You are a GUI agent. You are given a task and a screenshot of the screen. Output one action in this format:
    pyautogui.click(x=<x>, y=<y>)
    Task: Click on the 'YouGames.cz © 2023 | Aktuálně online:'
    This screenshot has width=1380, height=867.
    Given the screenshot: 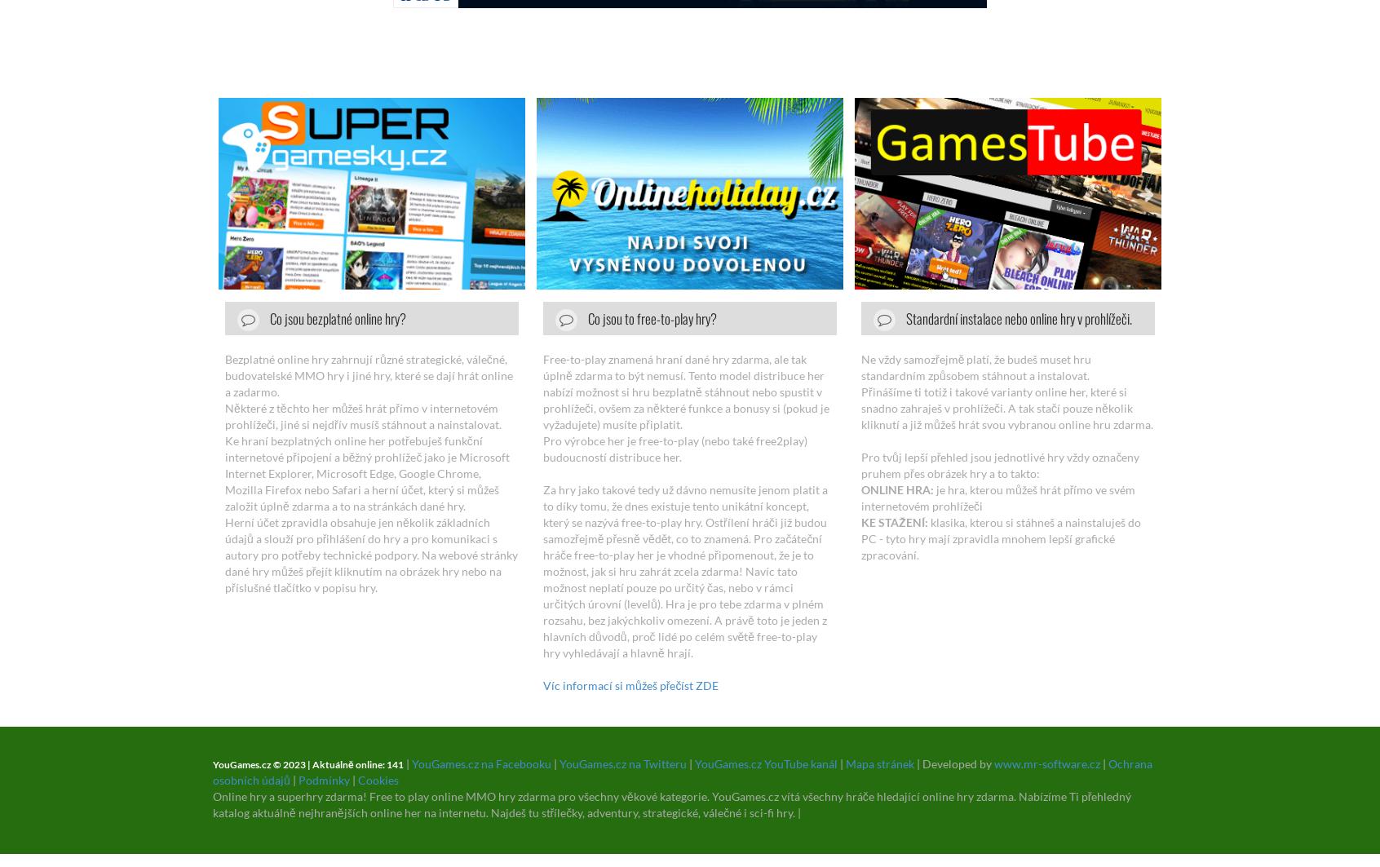 What is the action you would take?
    pyautogui.click(x=299, y=763)
    